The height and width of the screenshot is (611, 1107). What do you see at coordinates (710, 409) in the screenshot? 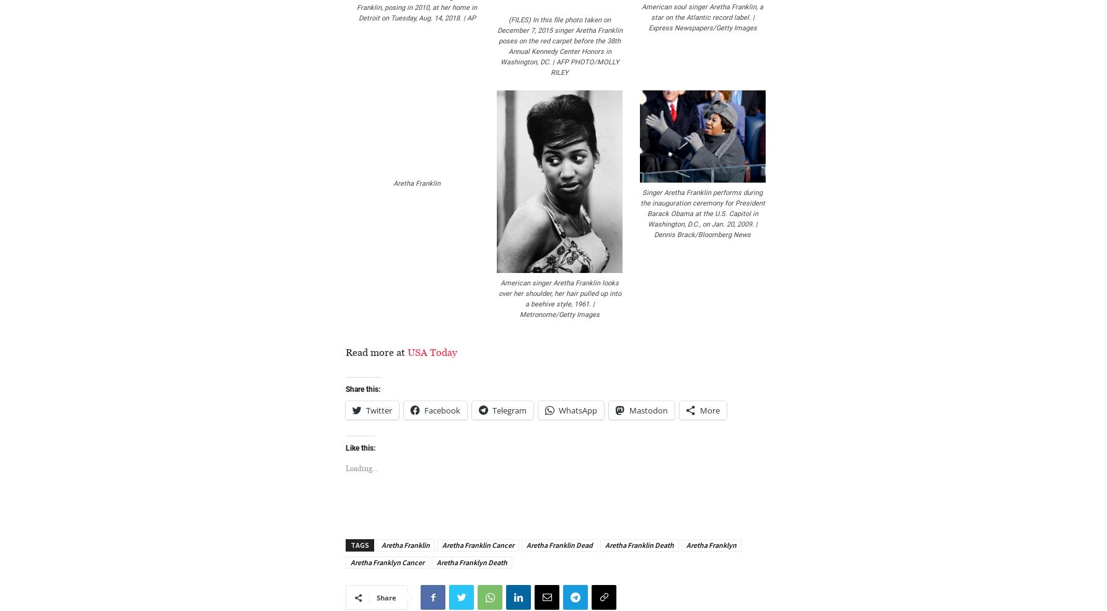
I see `'More'` at bounding box center [710, 409].